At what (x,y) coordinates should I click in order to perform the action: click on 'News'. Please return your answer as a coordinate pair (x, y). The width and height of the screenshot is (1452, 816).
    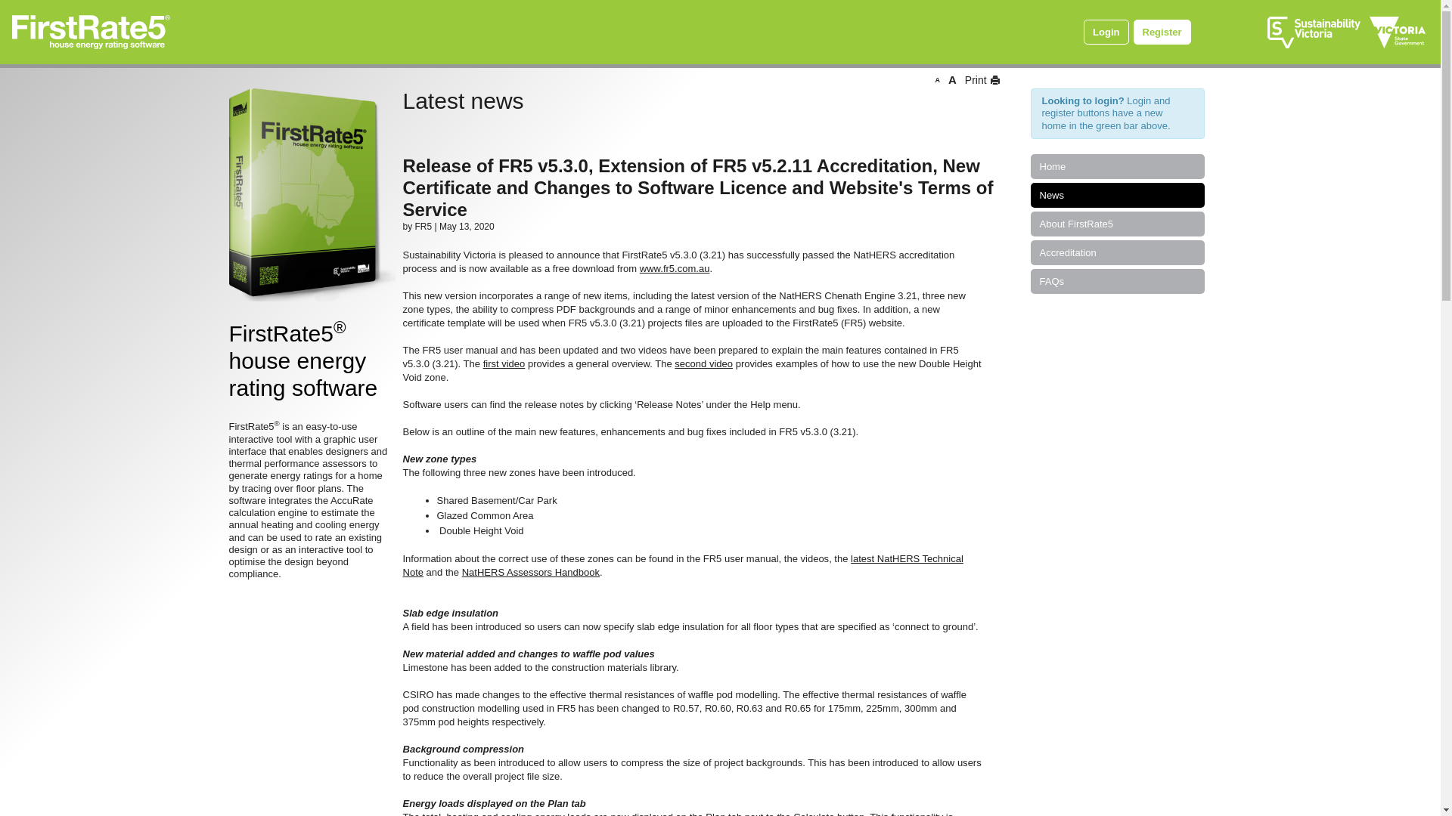
    Looking at the image, I should click on (1117, 194).